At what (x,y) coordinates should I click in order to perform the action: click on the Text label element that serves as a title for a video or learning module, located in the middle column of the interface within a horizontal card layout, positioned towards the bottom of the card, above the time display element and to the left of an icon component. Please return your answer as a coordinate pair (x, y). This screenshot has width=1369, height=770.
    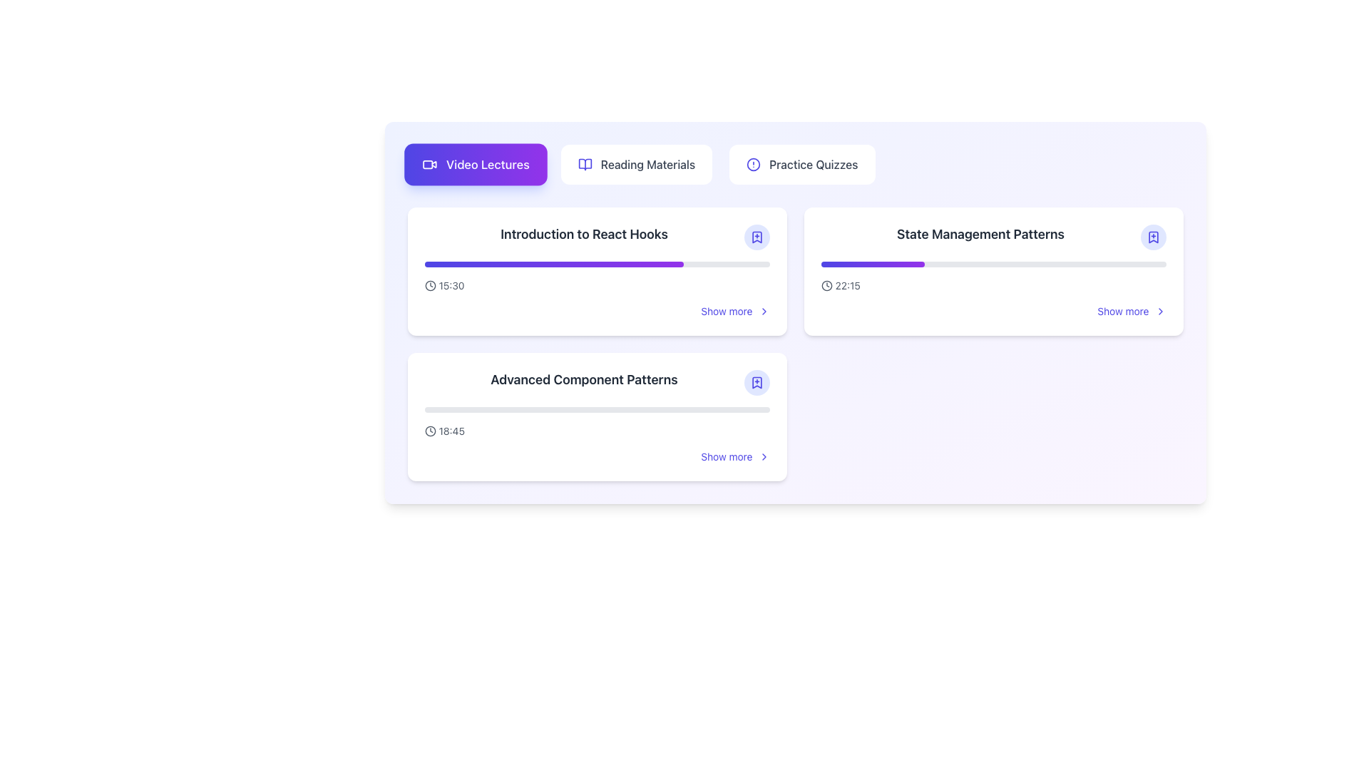
    Looking at the image, I should click on (584, 379).